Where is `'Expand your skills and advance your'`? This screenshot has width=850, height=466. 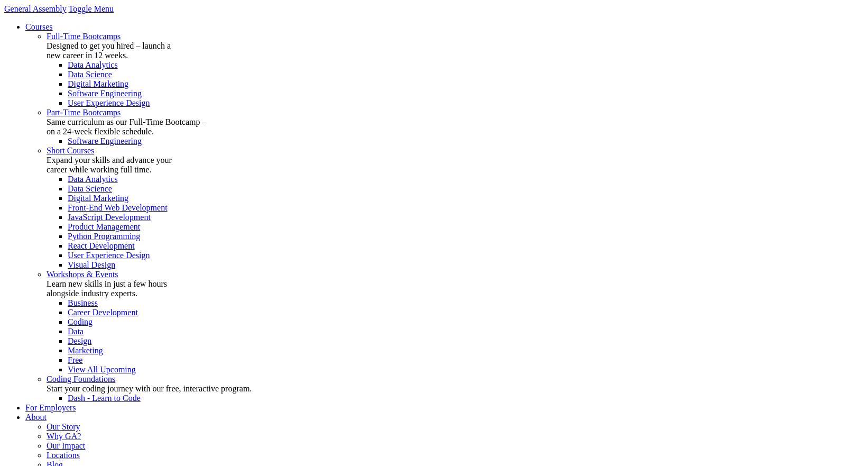 'Expand your skills and advance your' is located at coordinates (108, 159).